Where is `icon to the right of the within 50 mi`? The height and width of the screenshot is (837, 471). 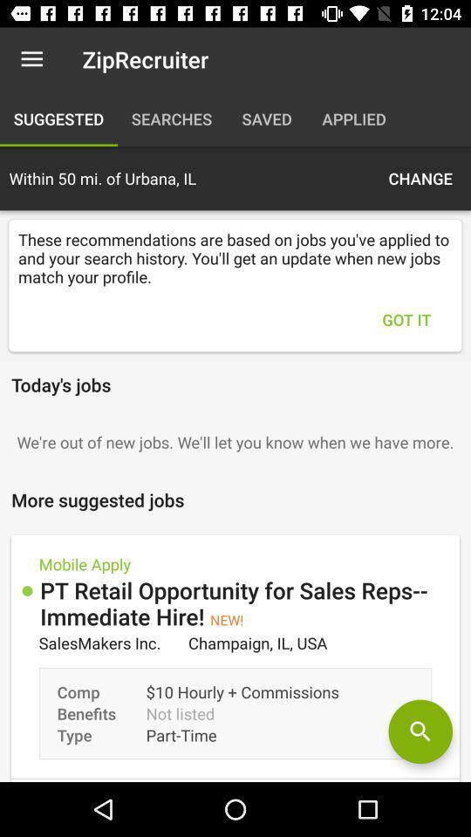
icon to the right of the within 50 mi is located at coordinates (420, 178).